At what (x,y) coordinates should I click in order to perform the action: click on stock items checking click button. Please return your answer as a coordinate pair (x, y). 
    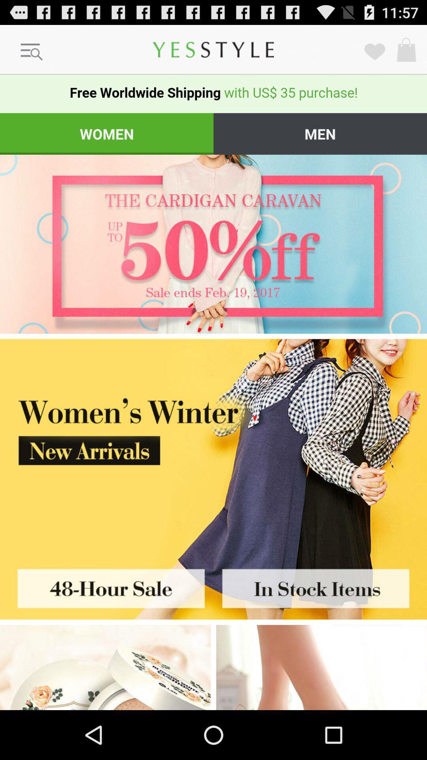
    Looking at the image, I should click on (320, 586).